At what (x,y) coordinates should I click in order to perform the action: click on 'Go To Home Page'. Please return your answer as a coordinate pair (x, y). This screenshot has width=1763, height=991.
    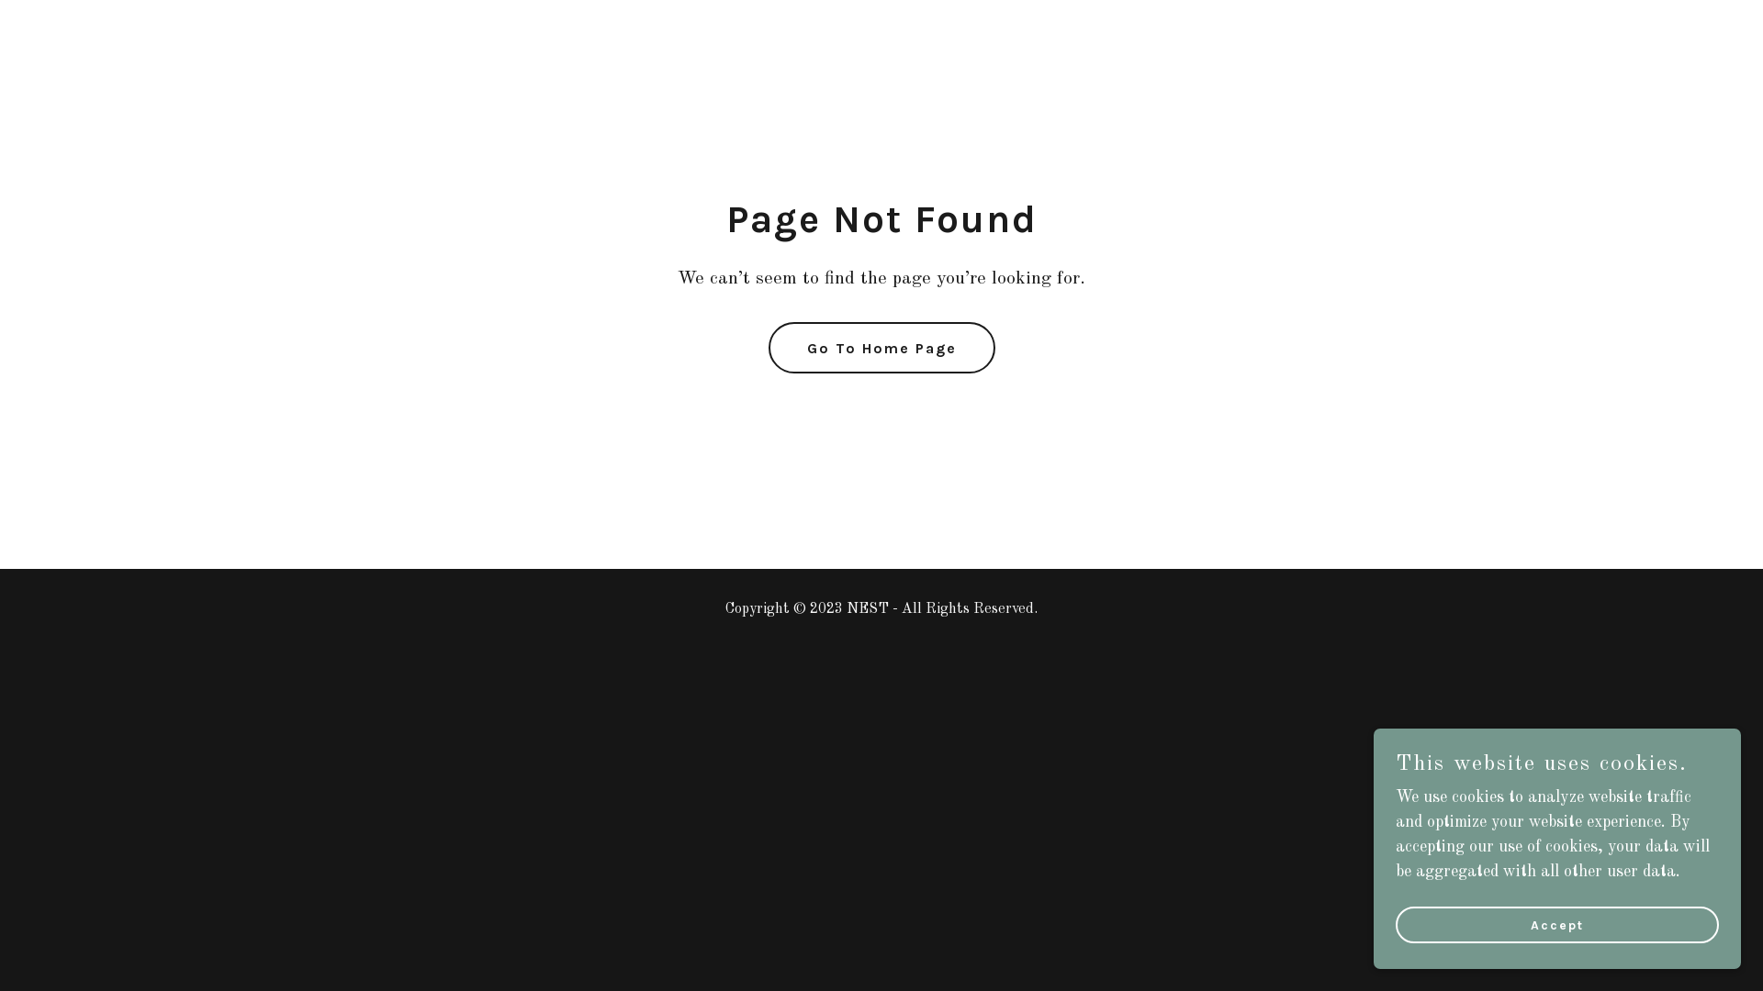
    Looking at the image, I should click on (880, 347).